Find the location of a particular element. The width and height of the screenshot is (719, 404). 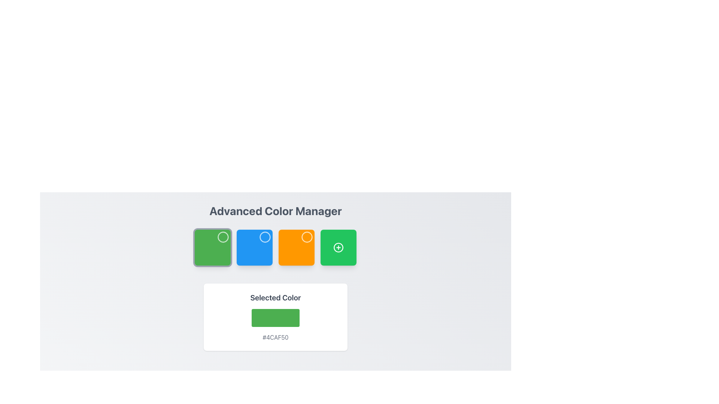

the blue circle with a white border located centrally within the blue square, which is the second square in a horizontal row of four squares, under the header 'Advanced Color Manager' is located at coordinates (265, 237).